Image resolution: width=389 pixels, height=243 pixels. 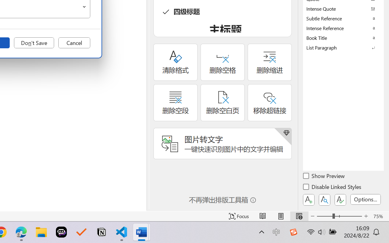 I want to click on 'Poe', so click(x=61, y=232).